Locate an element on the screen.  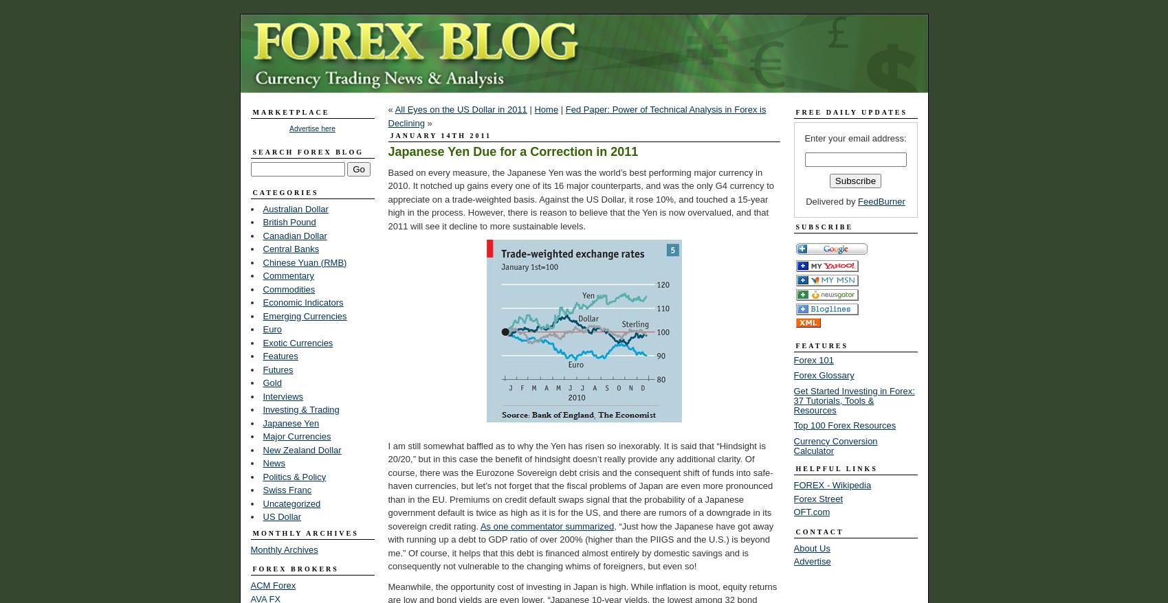
'OFT.com' is located at coordinates (811, 511).